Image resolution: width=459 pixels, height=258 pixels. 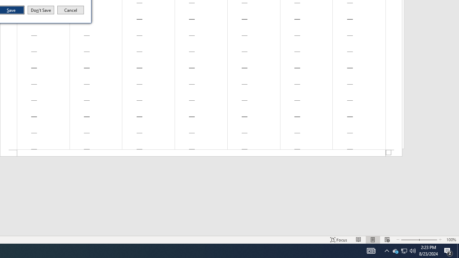 I want to click on 'Web Layout', so click(x=373, y=240).